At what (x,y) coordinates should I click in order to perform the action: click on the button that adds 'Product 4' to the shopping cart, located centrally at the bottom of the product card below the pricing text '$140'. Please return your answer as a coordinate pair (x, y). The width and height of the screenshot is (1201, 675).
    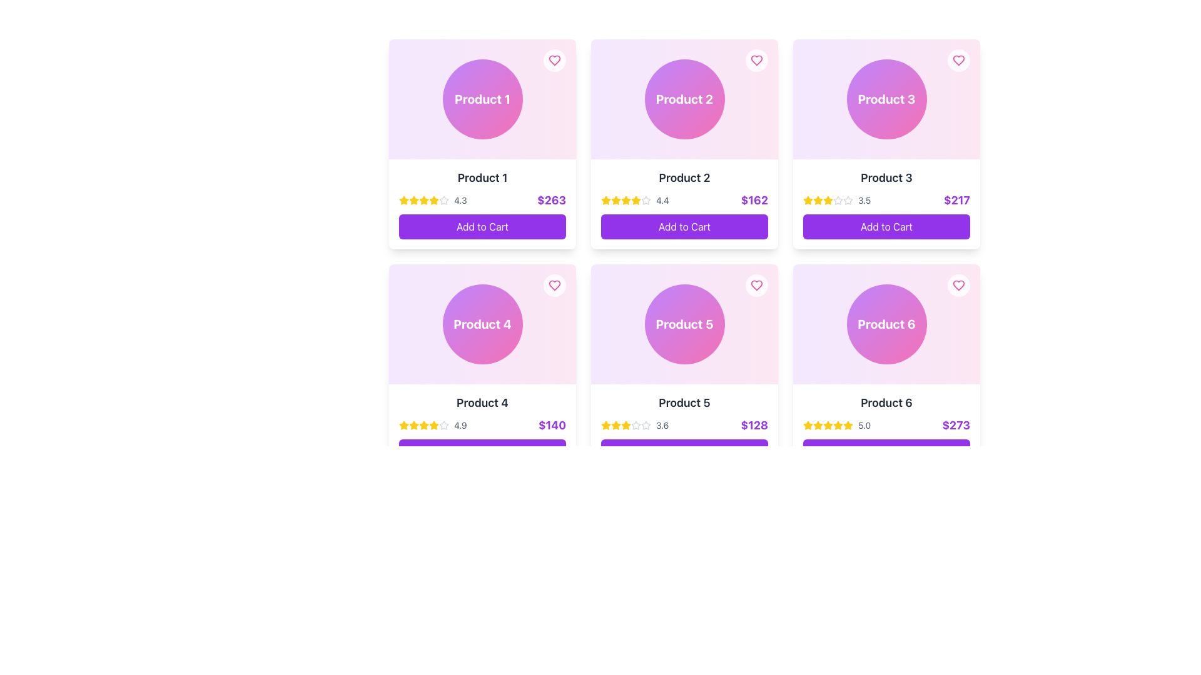
    Looking at the image, I should click on (482, 451).